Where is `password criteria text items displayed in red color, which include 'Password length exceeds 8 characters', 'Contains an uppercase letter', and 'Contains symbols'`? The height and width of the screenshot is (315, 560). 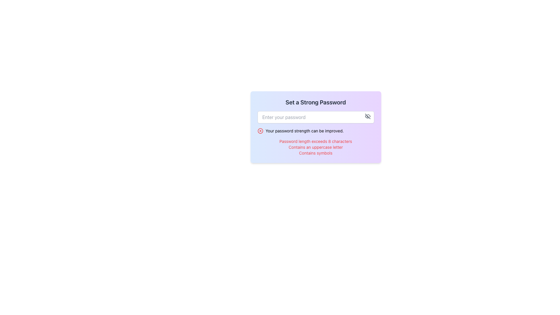 password criteria text items displayed in red color, which include 'Password length exceeds 8 characters', 'Contains an uppercase letter', and 'Contains symbols' is located at coordinates (315, 147).